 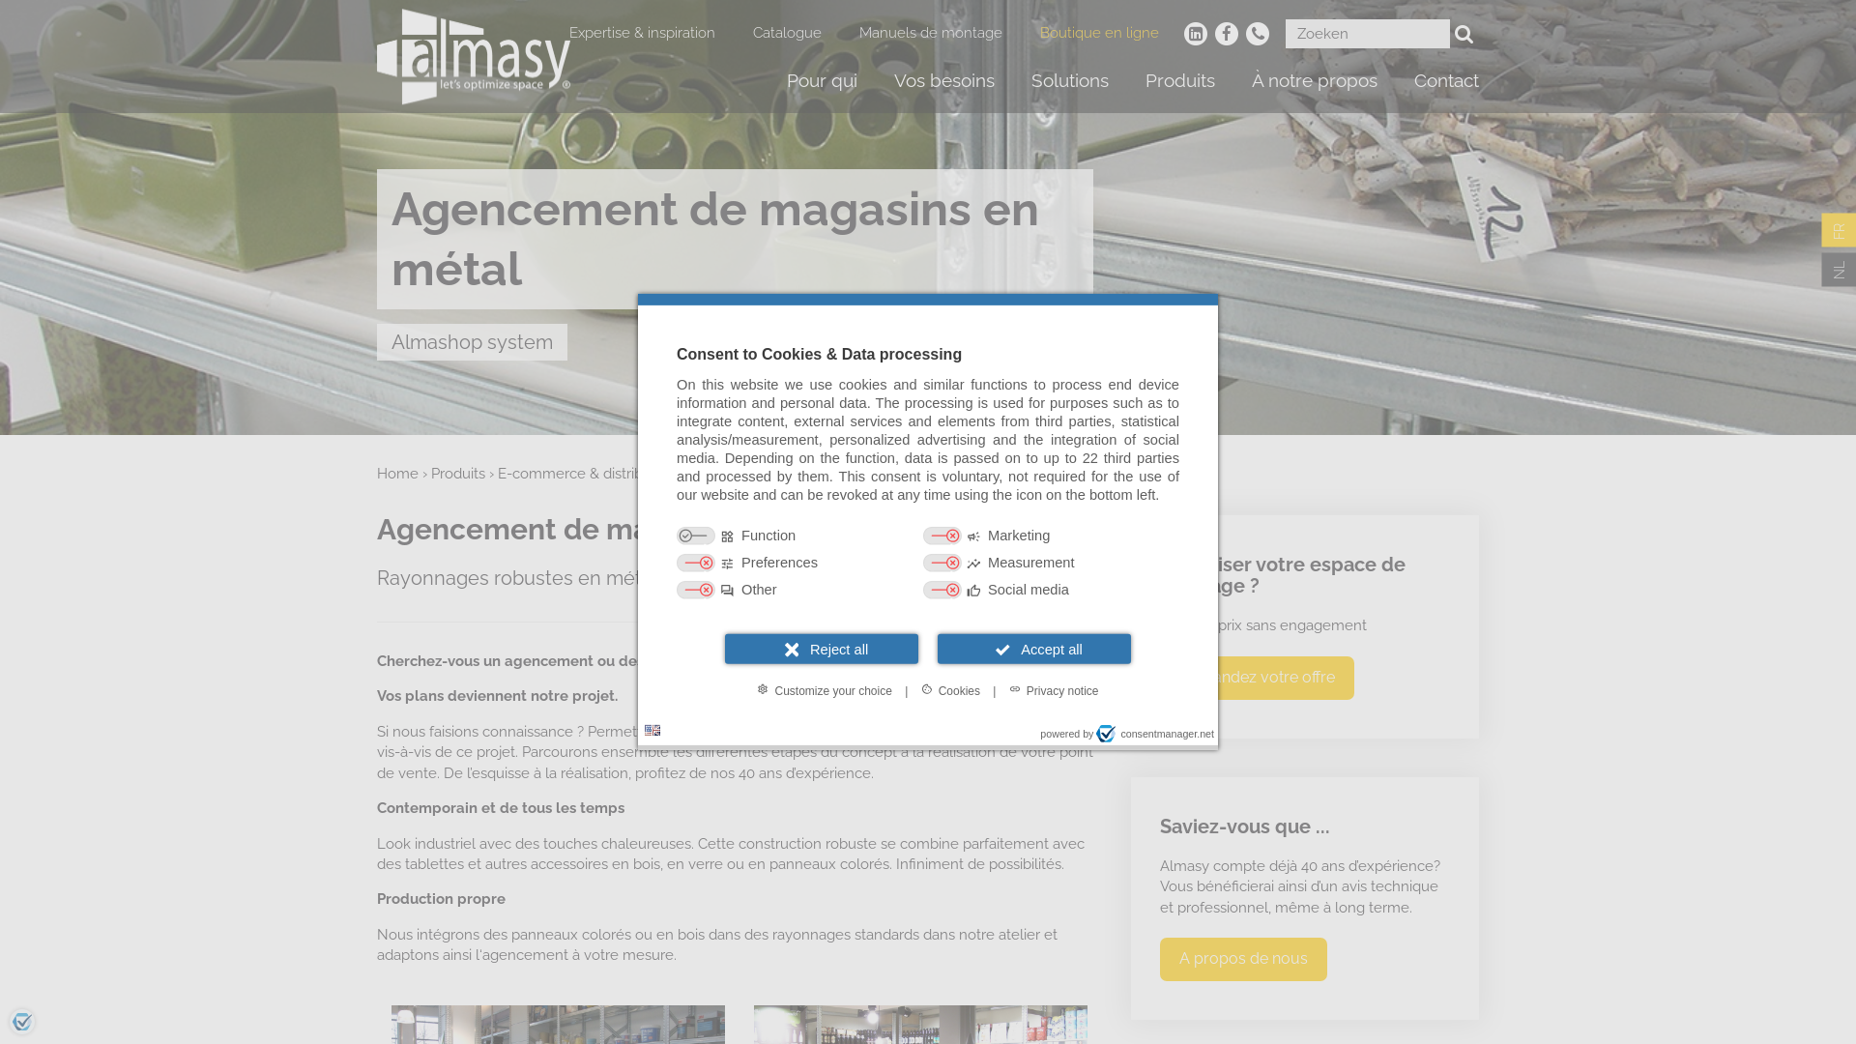 I want to click on 'Accept all', so click(x=1033, y=649).